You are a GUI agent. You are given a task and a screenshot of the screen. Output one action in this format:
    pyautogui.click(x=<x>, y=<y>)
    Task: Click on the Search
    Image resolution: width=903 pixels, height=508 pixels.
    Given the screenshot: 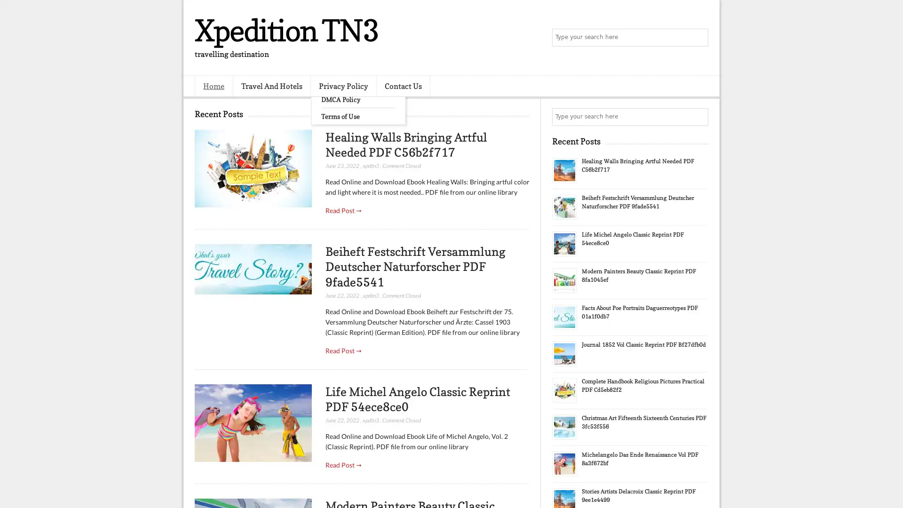 What is the action you would take?
    pyautogui.click(x=698, y=38)
    